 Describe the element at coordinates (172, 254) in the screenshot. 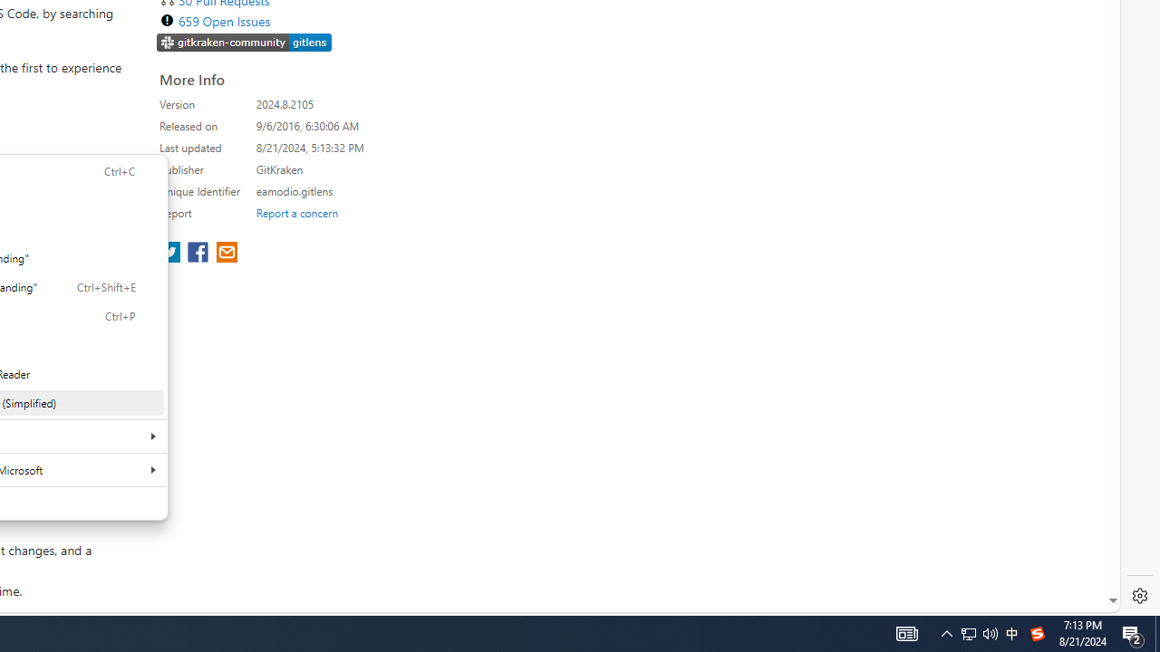

I see `'share extension on twitter'` at that location.